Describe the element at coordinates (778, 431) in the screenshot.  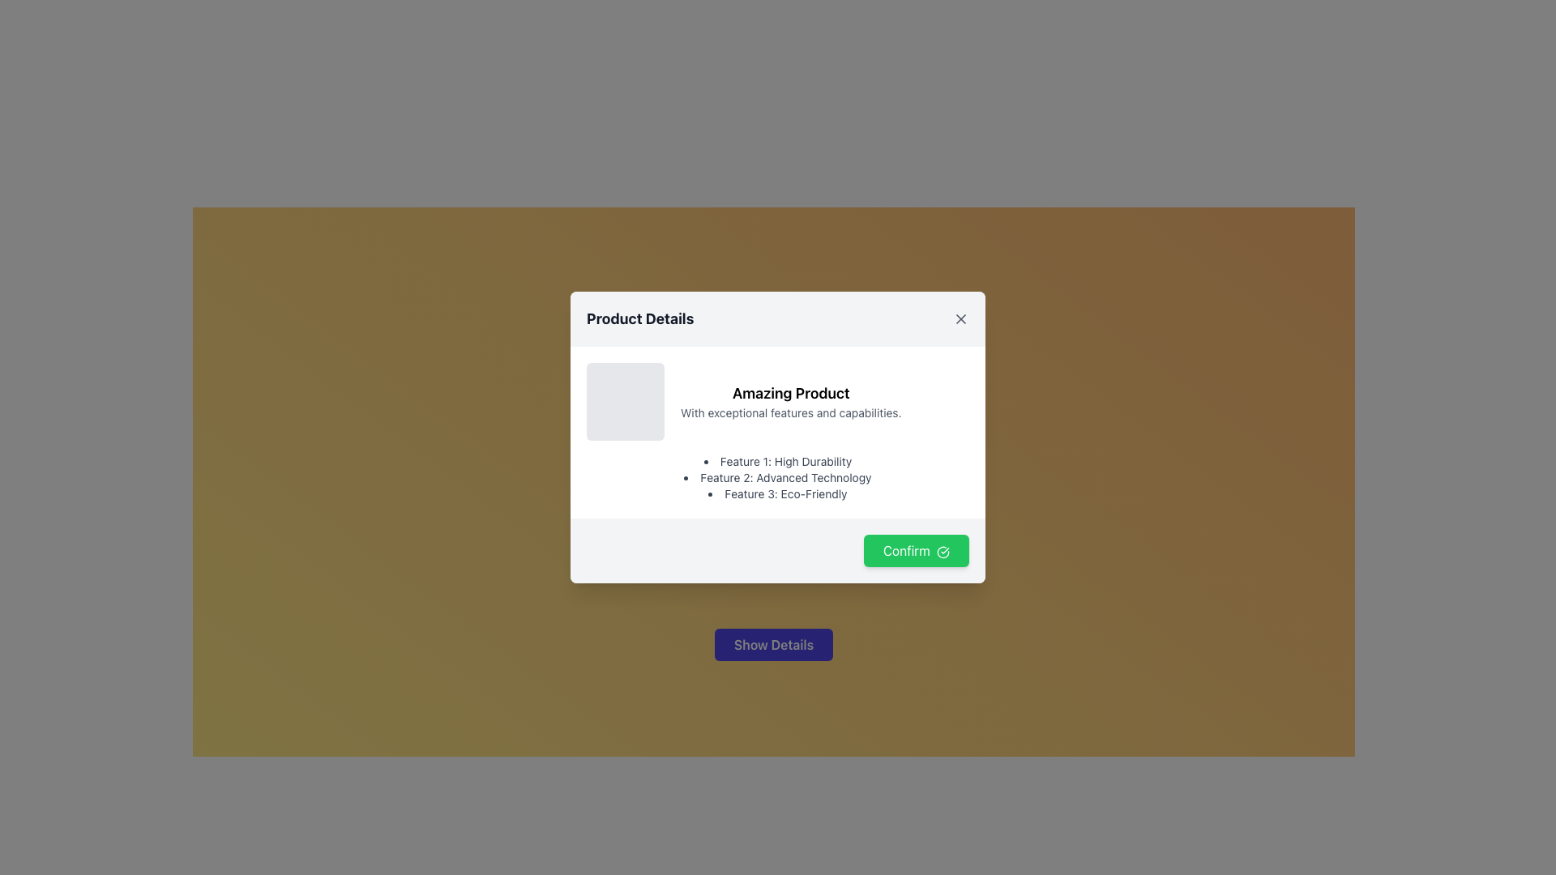
I see `the Informational Section within the 'Product Details' modal, which displays product details, including its name, description, and features` at that location.